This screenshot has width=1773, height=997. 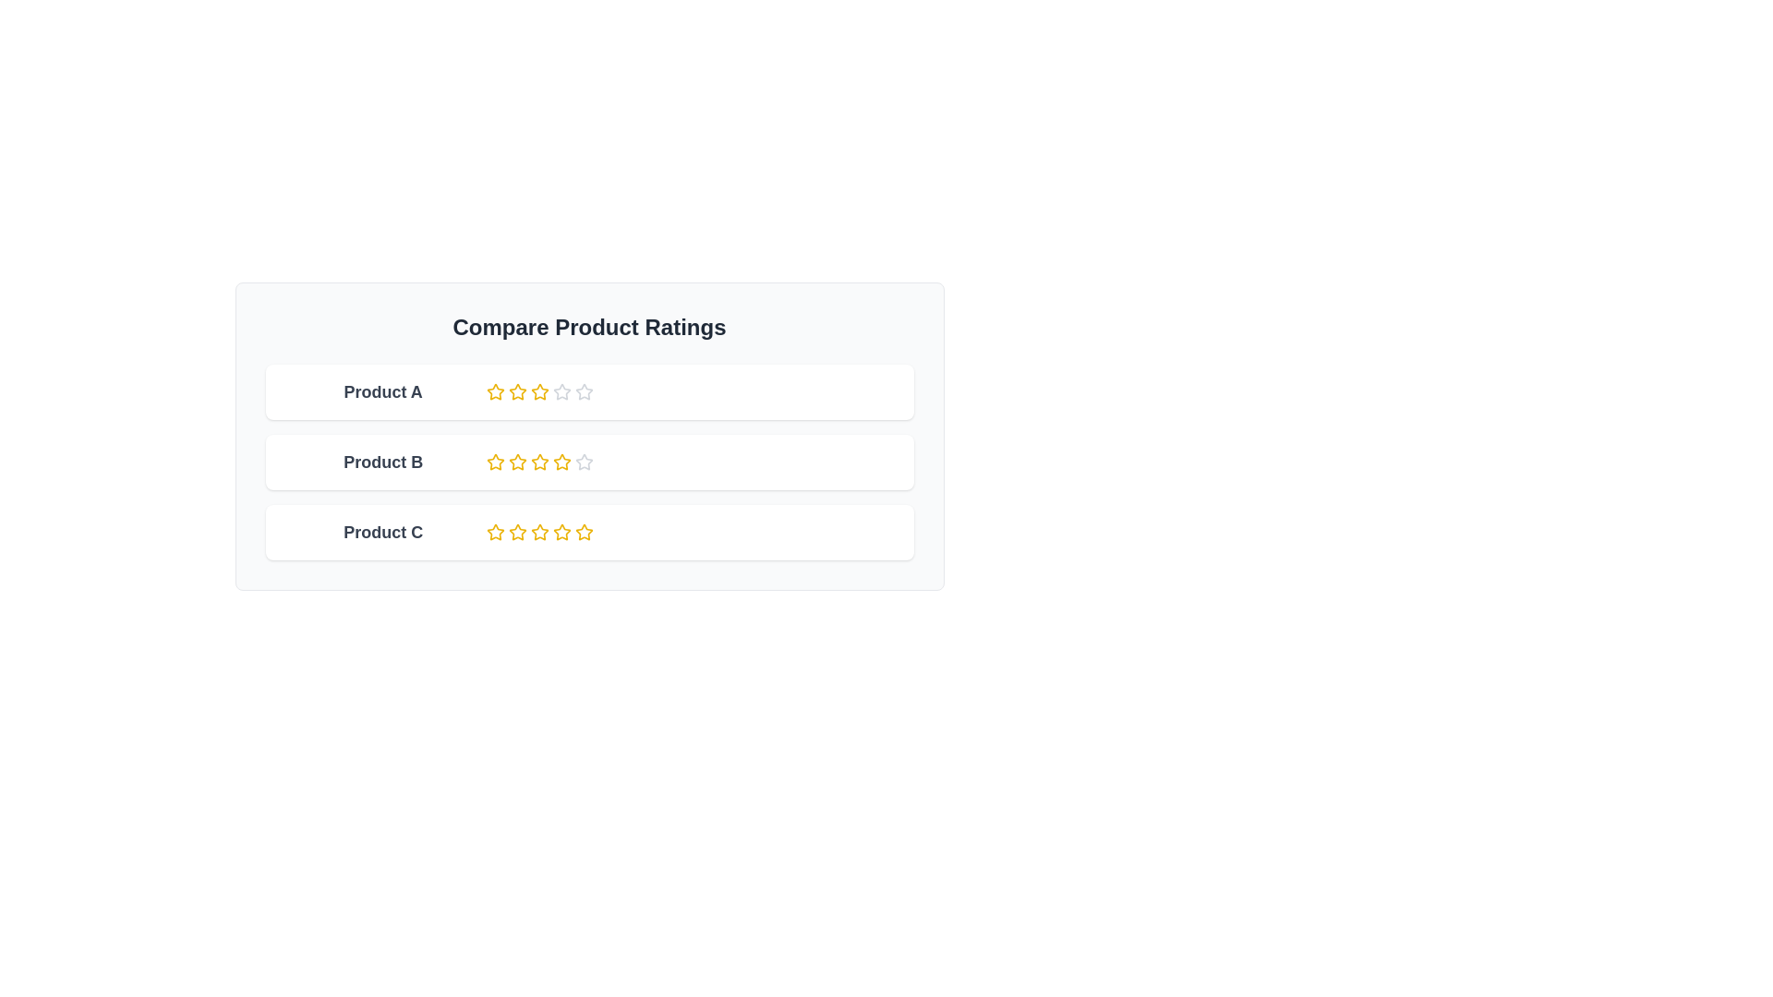 What do you see at coordinates (538, 533) in the screenshot?
I see `the active yellow star icon used for ratings, which is the third star in the row for 'Product C' located in the 'Compare Product Ratings' section` at bounding box center [538, 533].